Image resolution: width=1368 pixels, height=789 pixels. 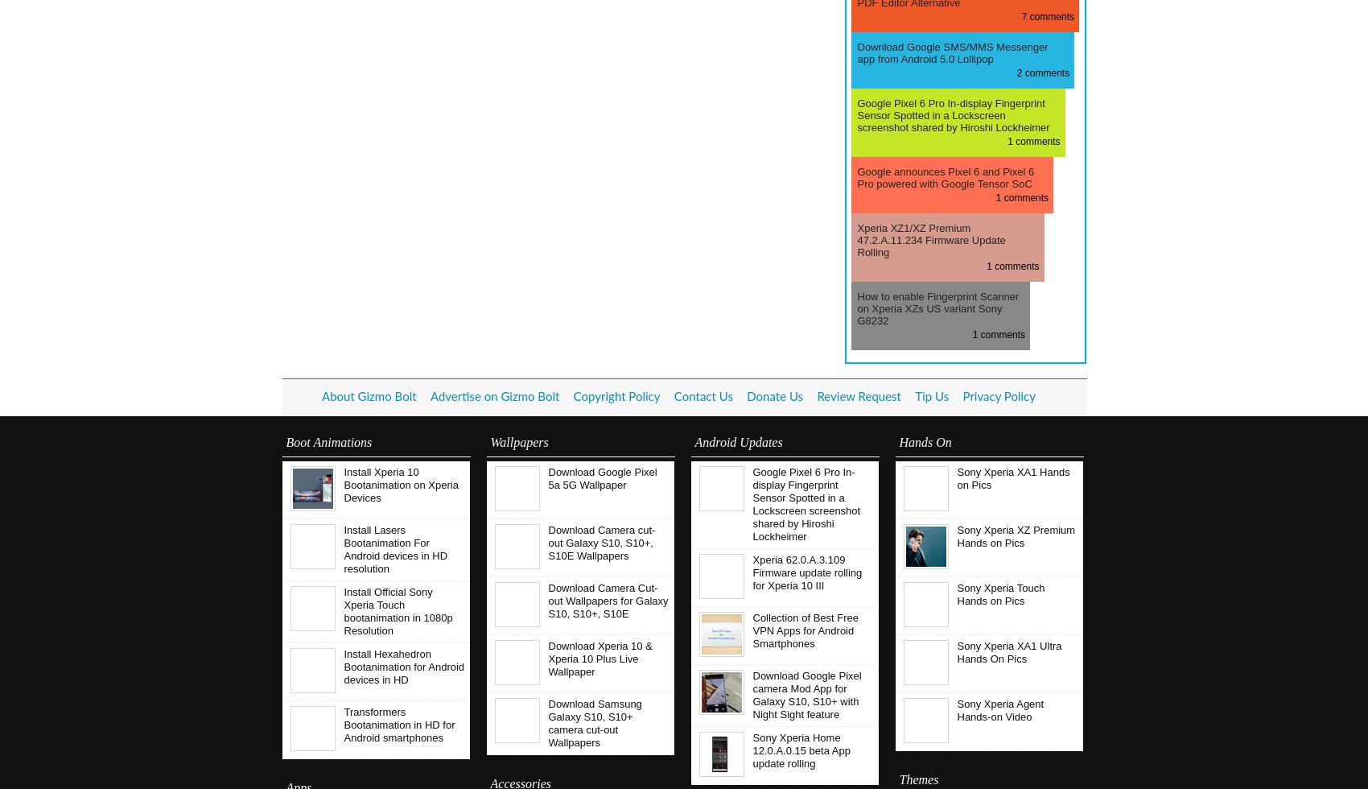 I want to click on 'Donate Us', so click(x=774, y=397).